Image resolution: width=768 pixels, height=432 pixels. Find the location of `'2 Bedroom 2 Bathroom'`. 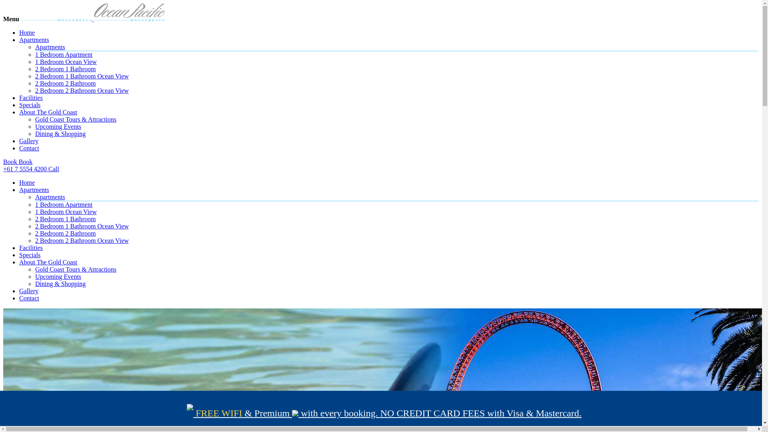

'2 Bedroom 2 Bathroom' is located at coordinates (65, 233).